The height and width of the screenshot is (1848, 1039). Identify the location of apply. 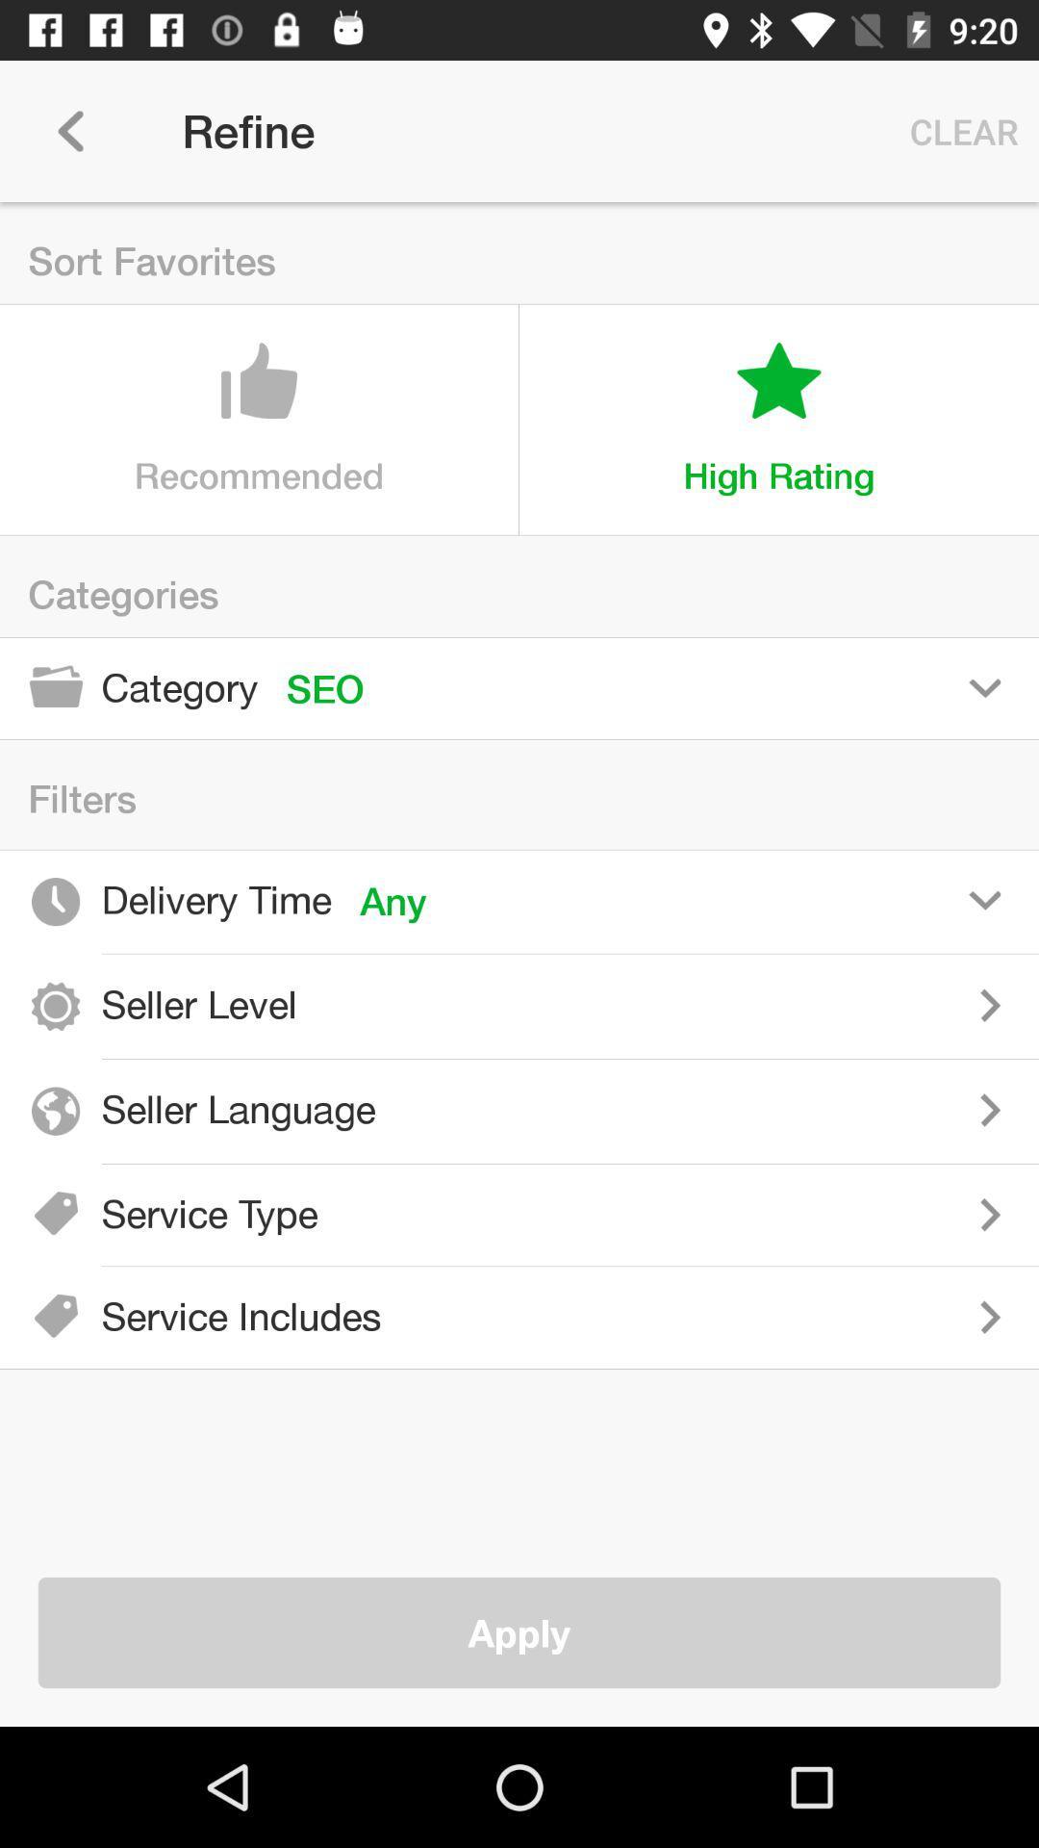
(519, 1631).